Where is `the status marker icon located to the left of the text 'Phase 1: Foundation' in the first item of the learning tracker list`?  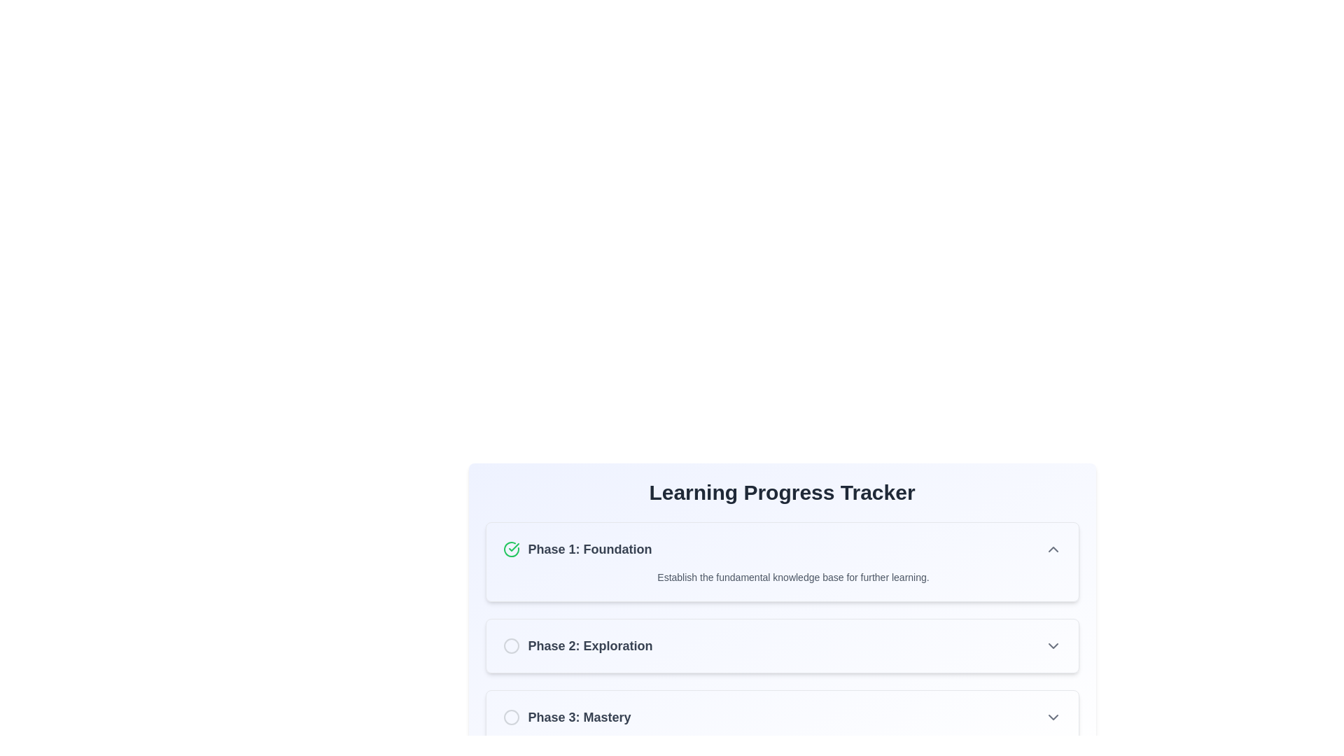
the status marker icon located to the left of the text 'Phase 1: Foundation' in the first item of the learning tracker list is located at coordinates (510, 549).